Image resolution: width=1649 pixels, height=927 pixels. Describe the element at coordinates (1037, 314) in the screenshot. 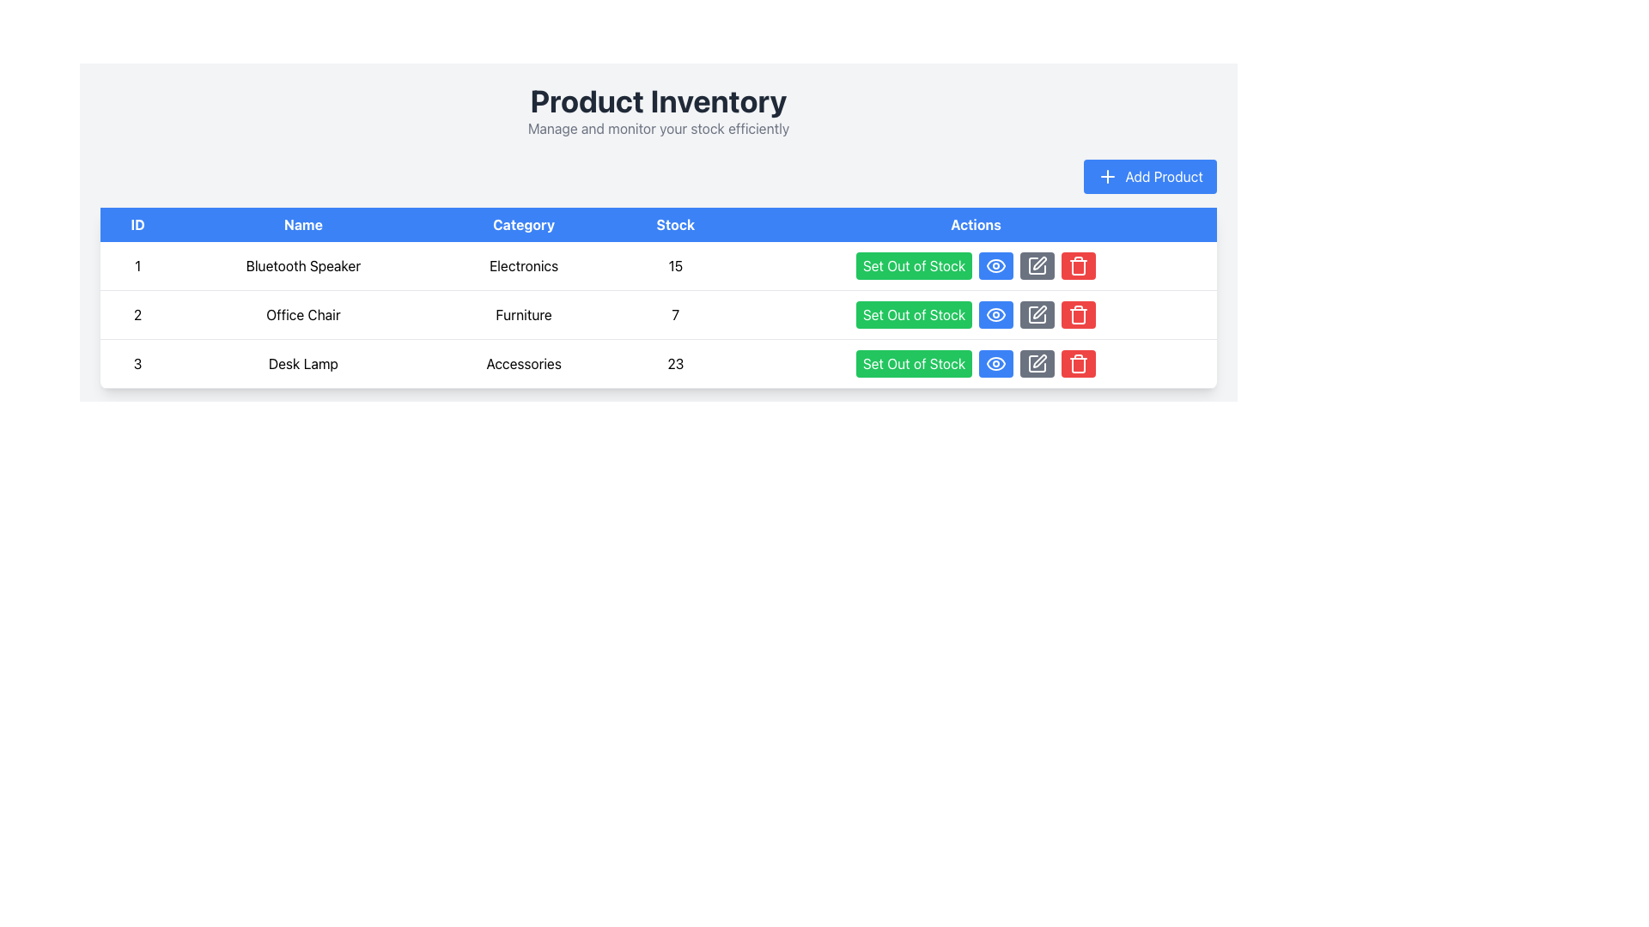

I see `the solid outline square icon with rounded corners in the 'Actions' column, second row of the table` at that location.